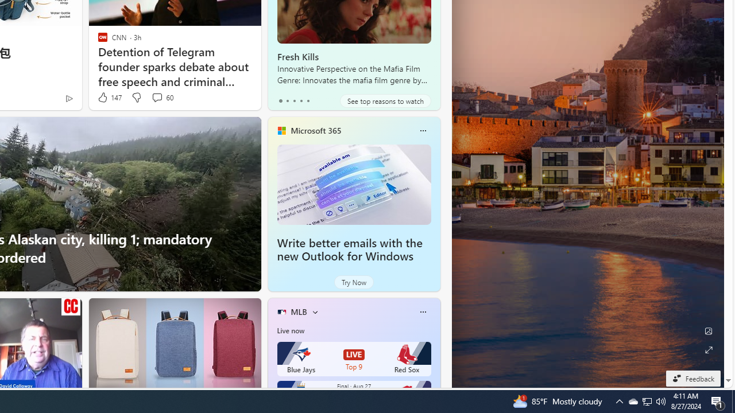 This screenshot has width=735, height=413. Describe the element at coordinates (353, 359) in the screenshot. I see `'Blue Jays LIVE Top 9 Red Sox'` at that location.